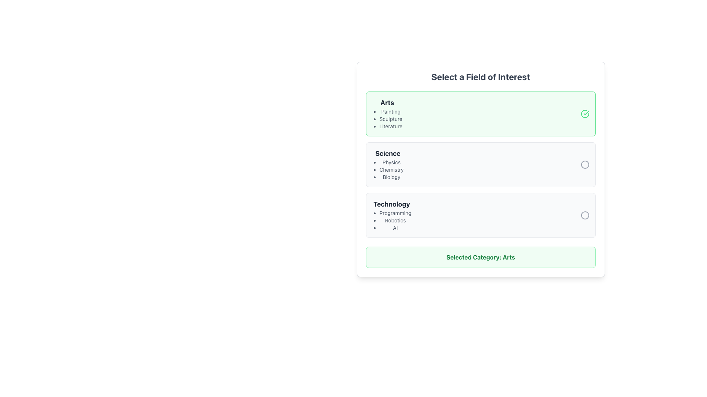 The height and width of the screenshot is (397, 707). I want to click on the circular radio button located on the right side of the 'Science' section, so click(584, 164).